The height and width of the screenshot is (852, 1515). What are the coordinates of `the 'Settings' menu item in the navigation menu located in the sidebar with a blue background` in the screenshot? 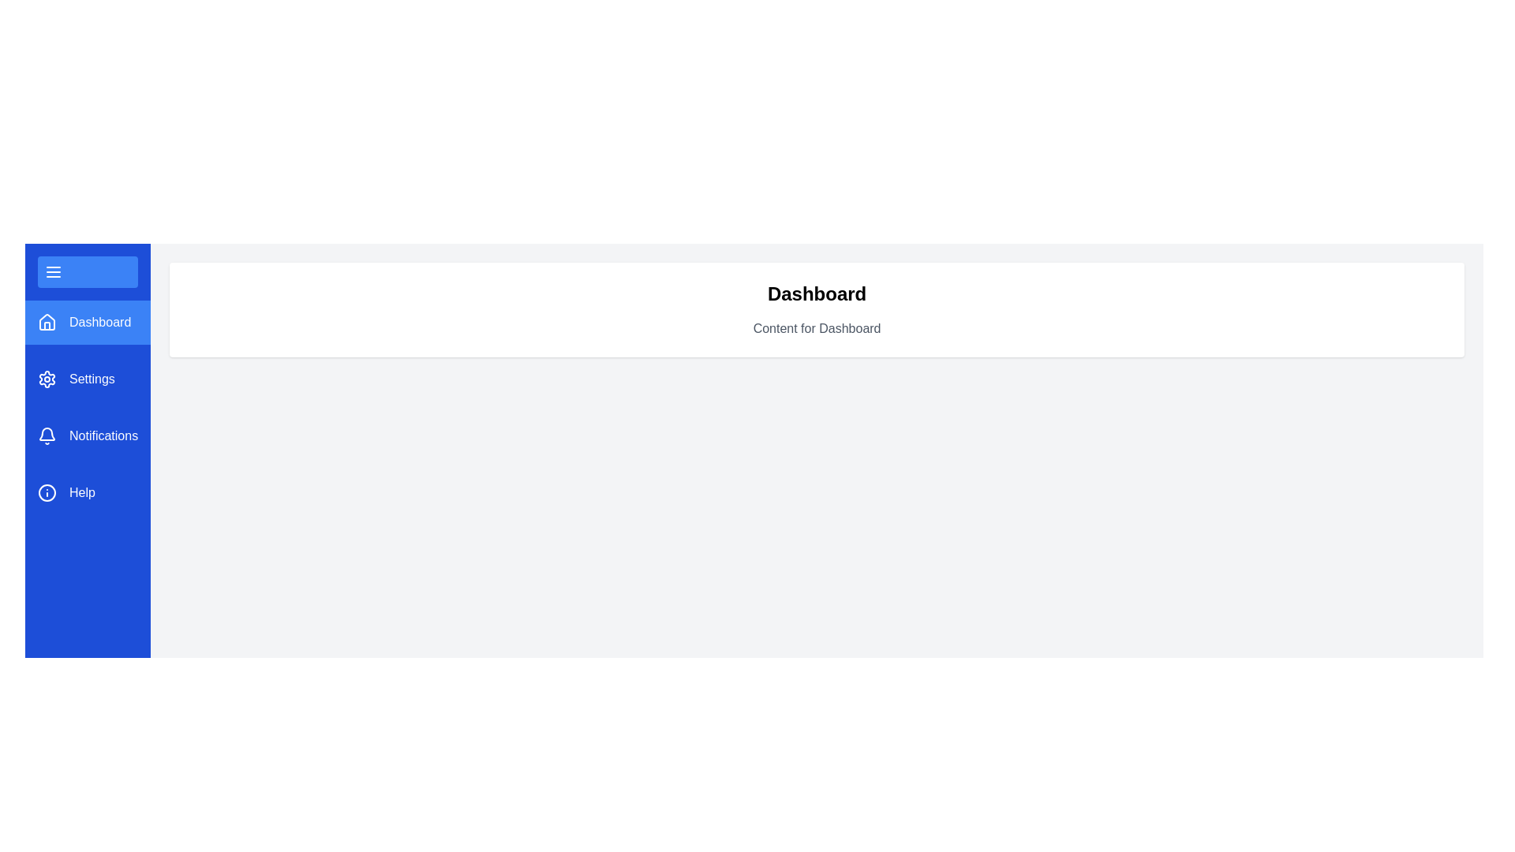 It's located at (87, 406).